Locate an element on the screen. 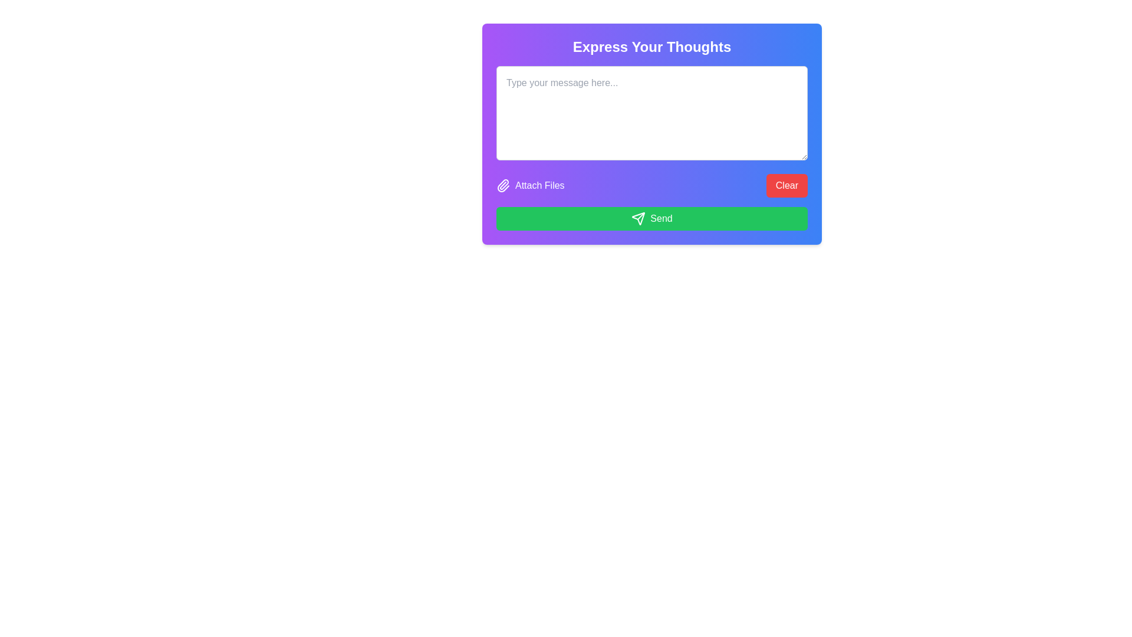 The height and width of the screenshot is (637, 1132). the SVG graphic icon representing a paperclip in the bottom-left corner of the input message field, which indicates the file attachment feature is located at coordinates (503, 186).